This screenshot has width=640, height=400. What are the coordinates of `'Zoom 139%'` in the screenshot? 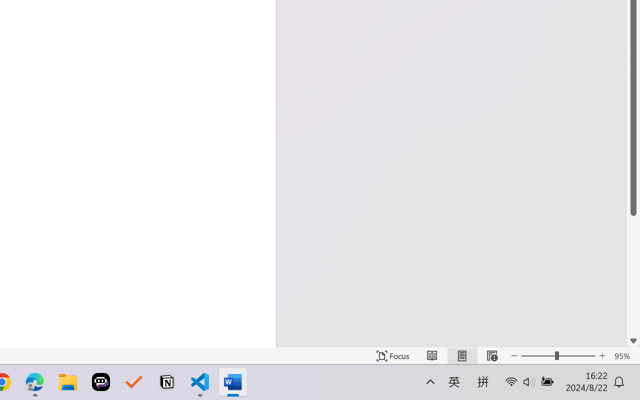 It's located at (616, 371).